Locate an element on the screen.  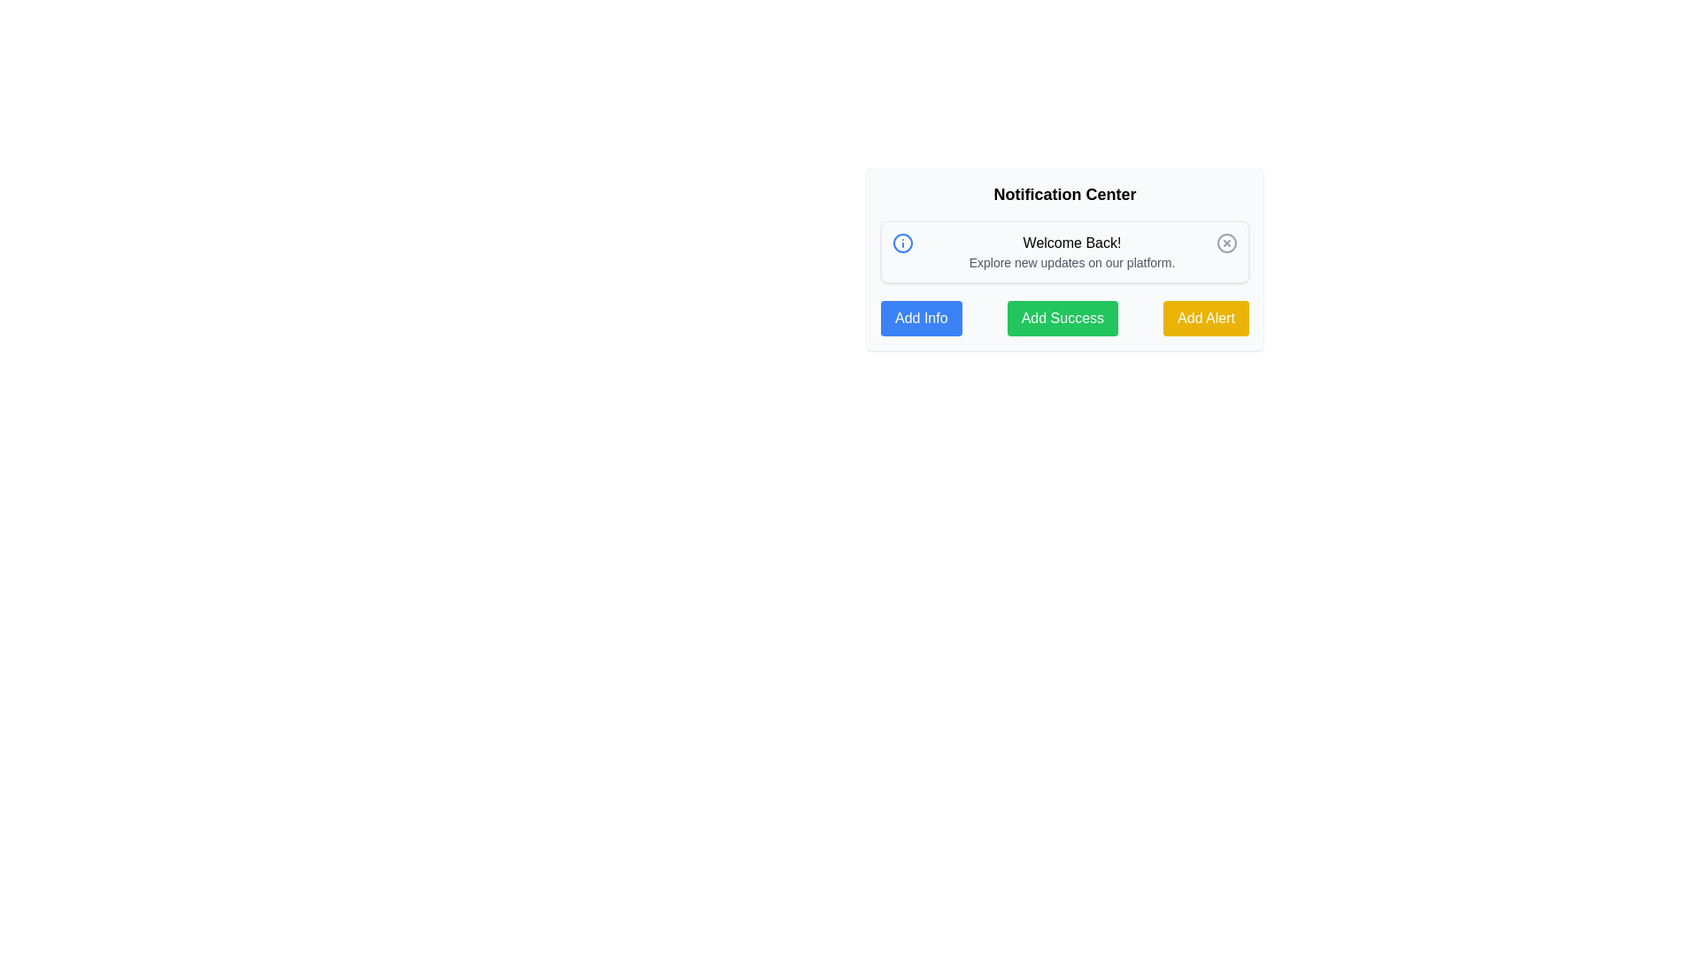
the static text element displaying 'Welcome Back!' located in the Notification Center, positioned above the smaller descriptive text is located at coordinates (1070, 243).